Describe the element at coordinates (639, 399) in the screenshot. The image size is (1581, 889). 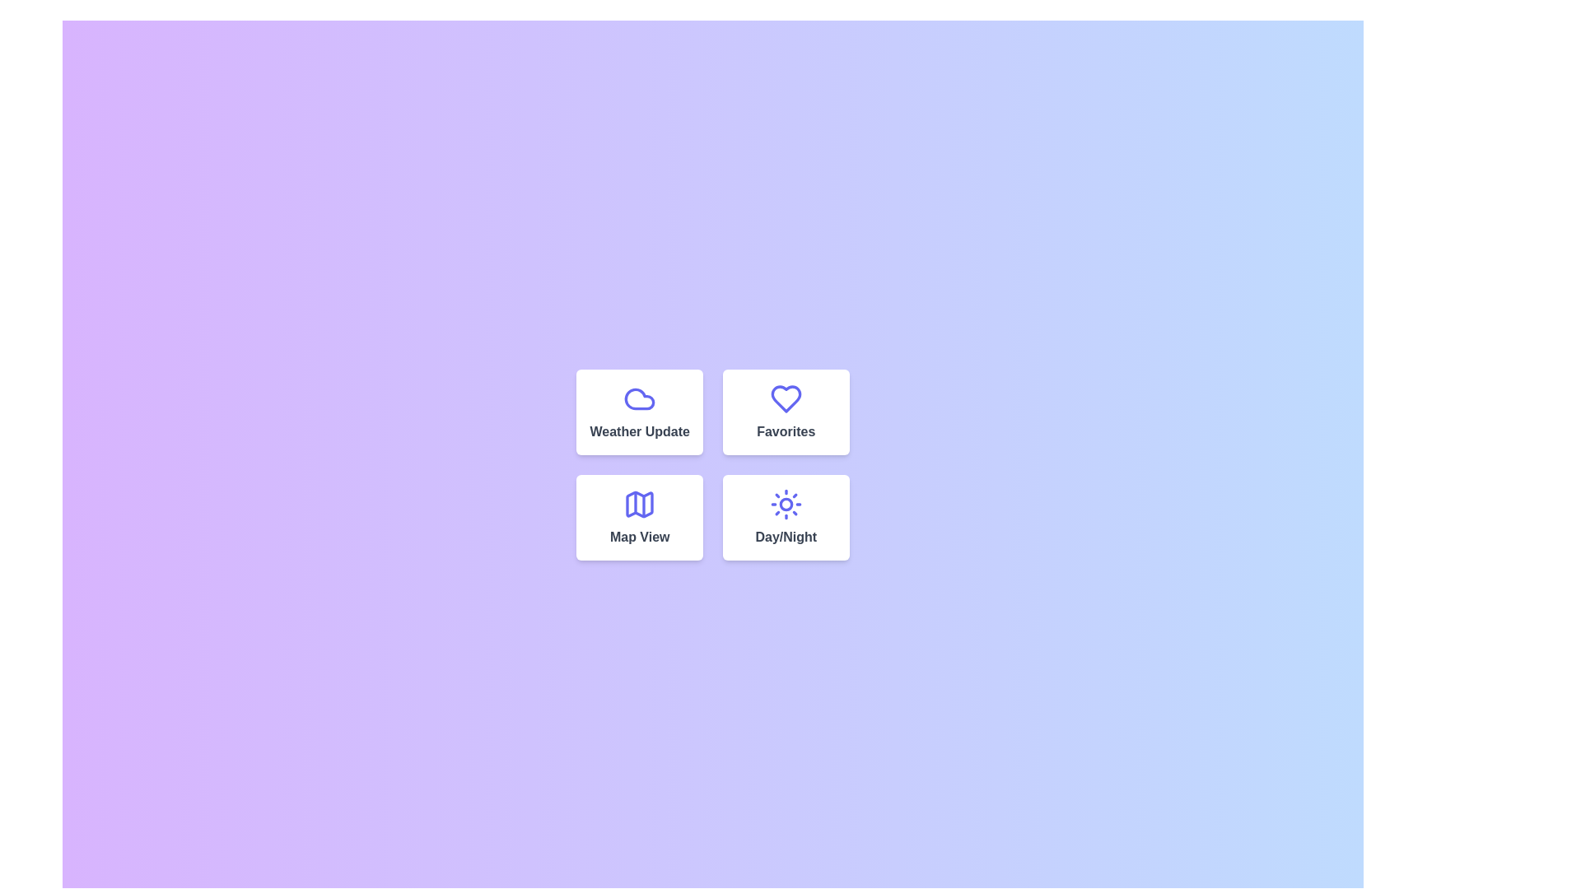
I see `the cloud icon representing the 'Weather Update' option located in the top-left panel of the grid layout` at that location.